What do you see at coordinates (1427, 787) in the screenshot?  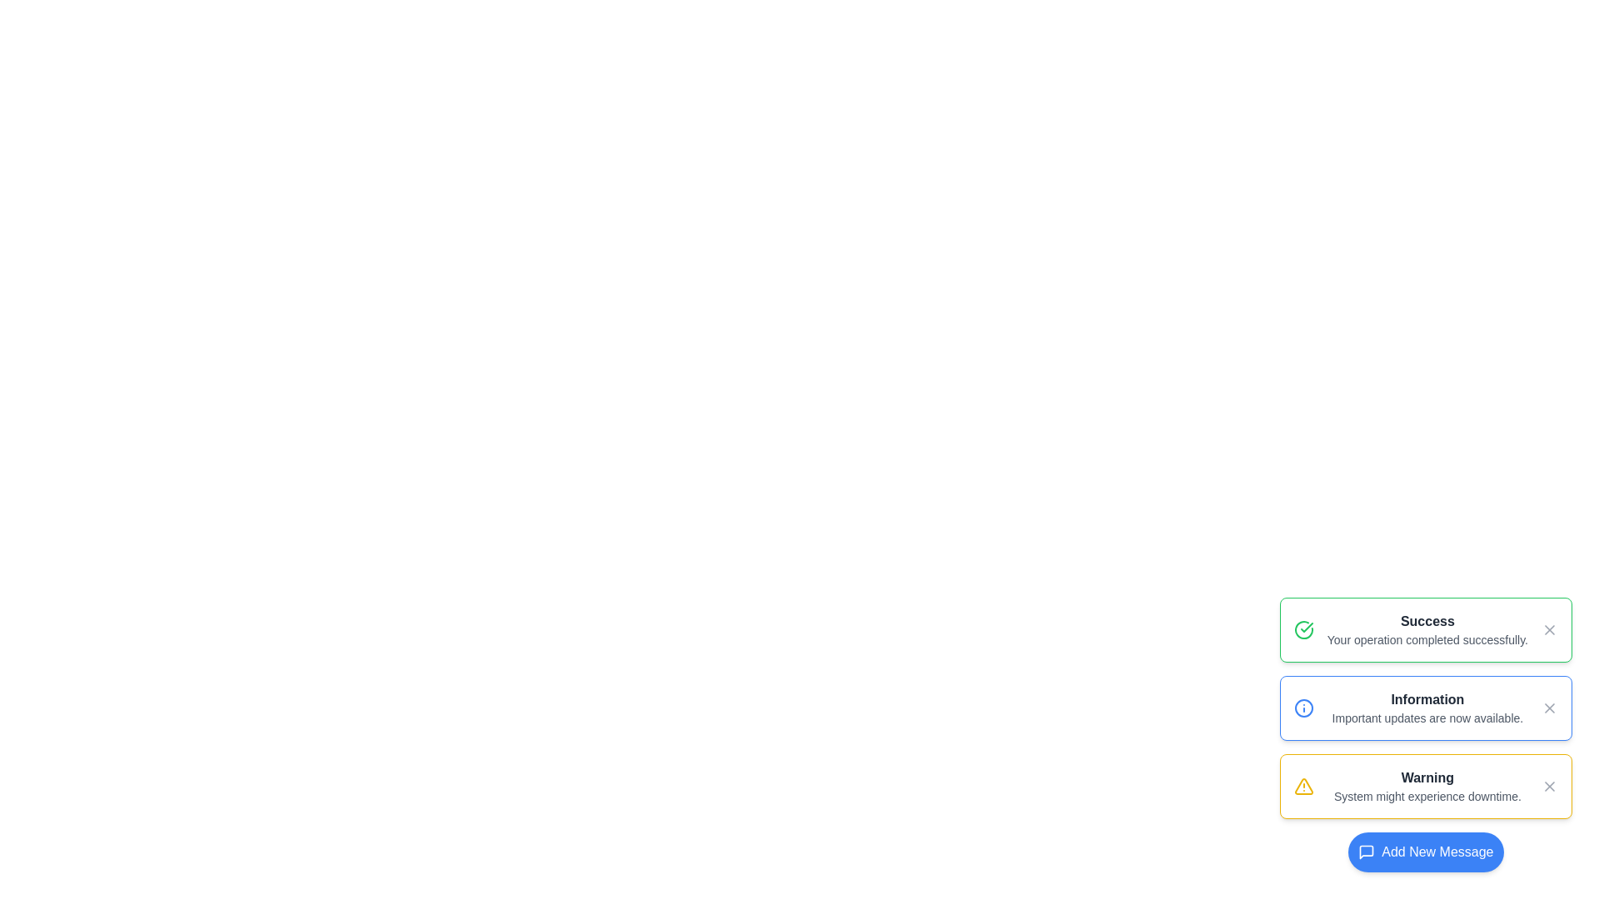 I see `the warning message in the 'Warning' notification box located near the bottom-right corner of the interface` at bounding box center [1427, 787].